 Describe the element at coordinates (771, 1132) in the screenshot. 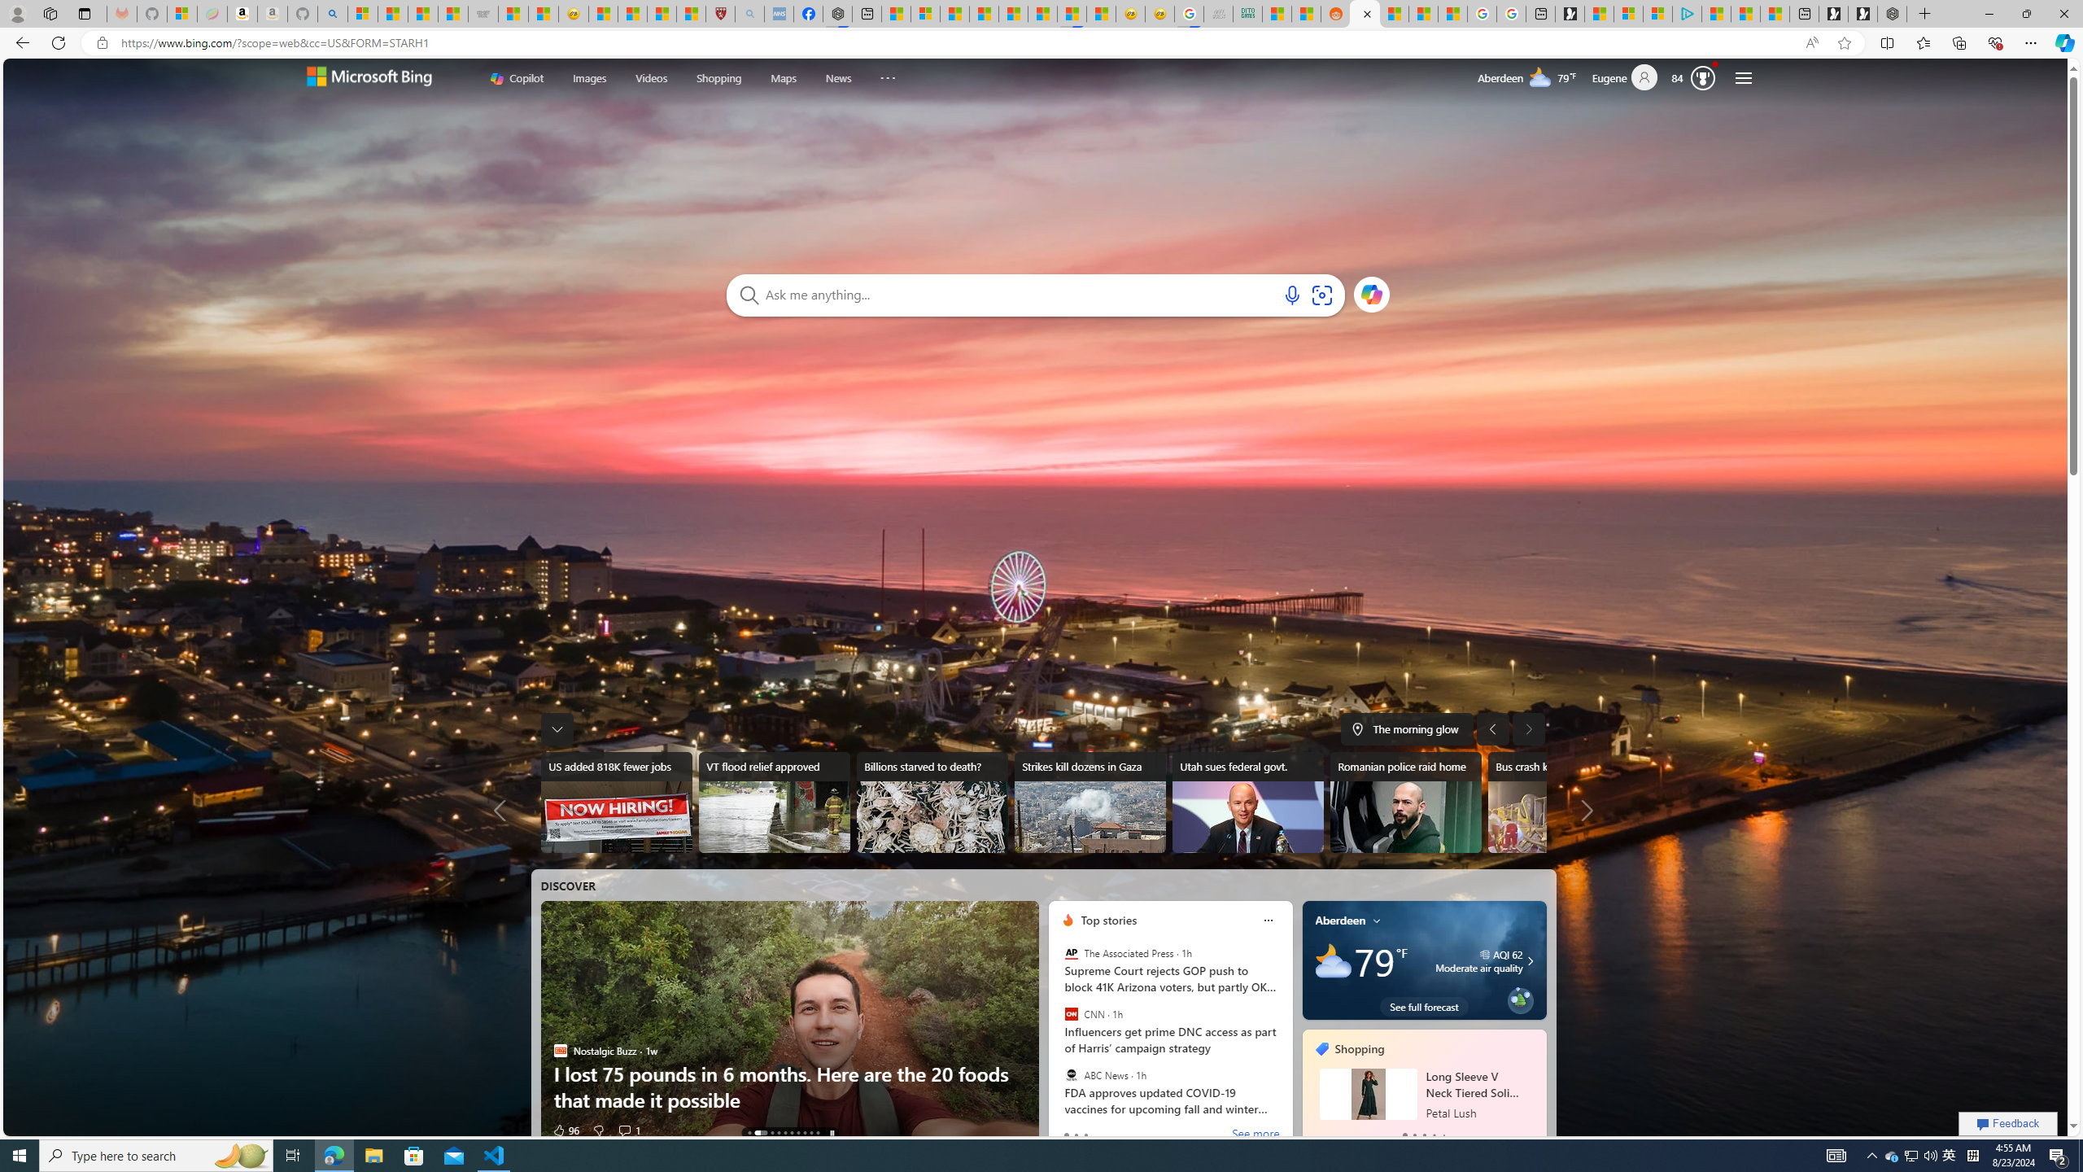

I see `'AutomationID: tab-2'` at that location.